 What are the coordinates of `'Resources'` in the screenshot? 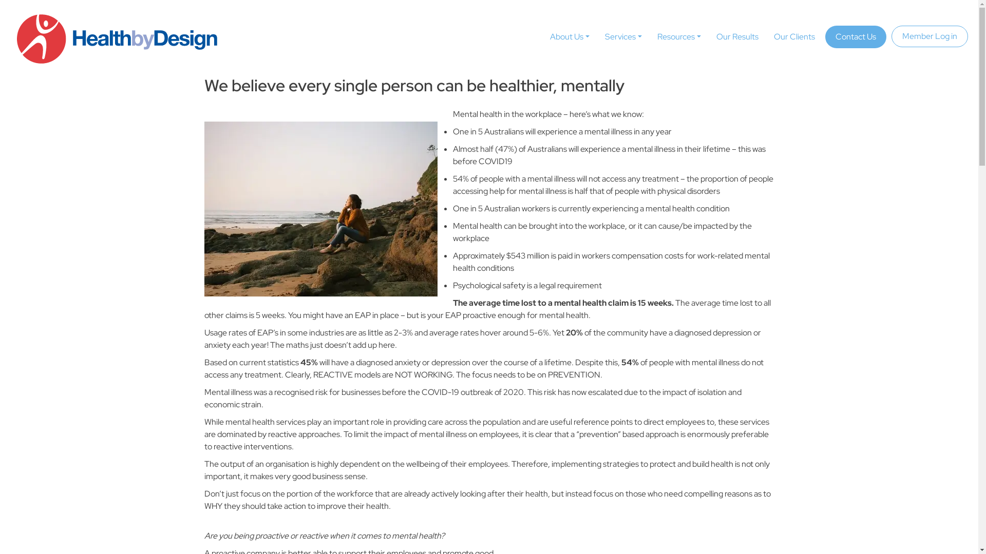 It's located at (679, 36).